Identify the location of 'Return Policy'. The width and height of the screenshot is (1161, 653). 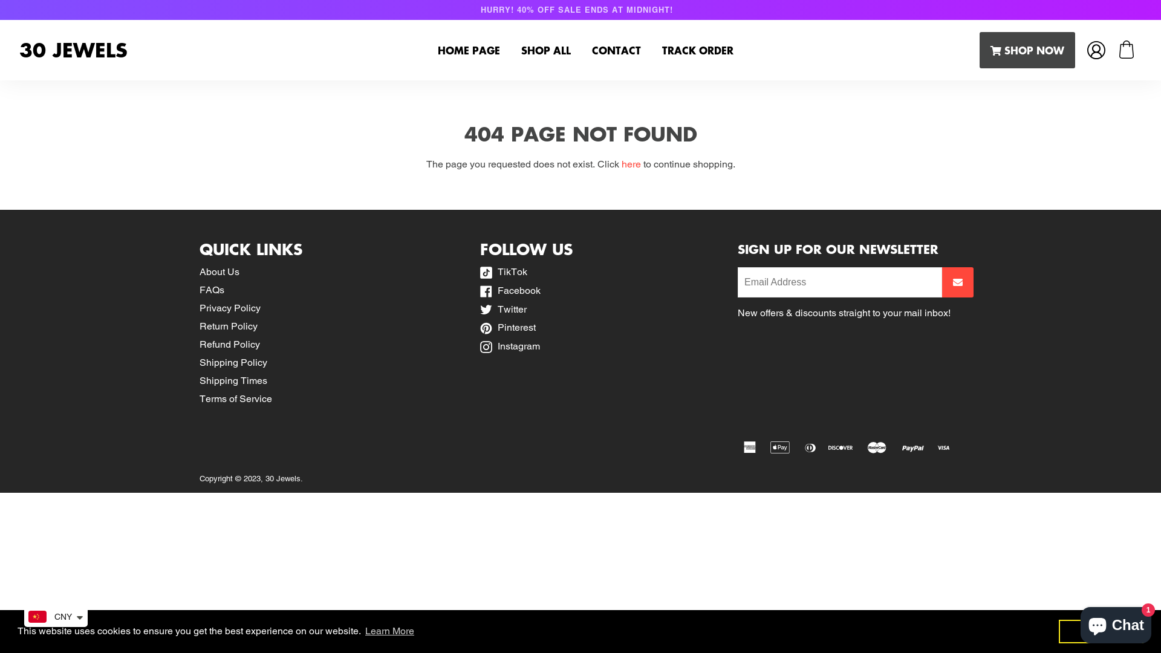
(229, 325).